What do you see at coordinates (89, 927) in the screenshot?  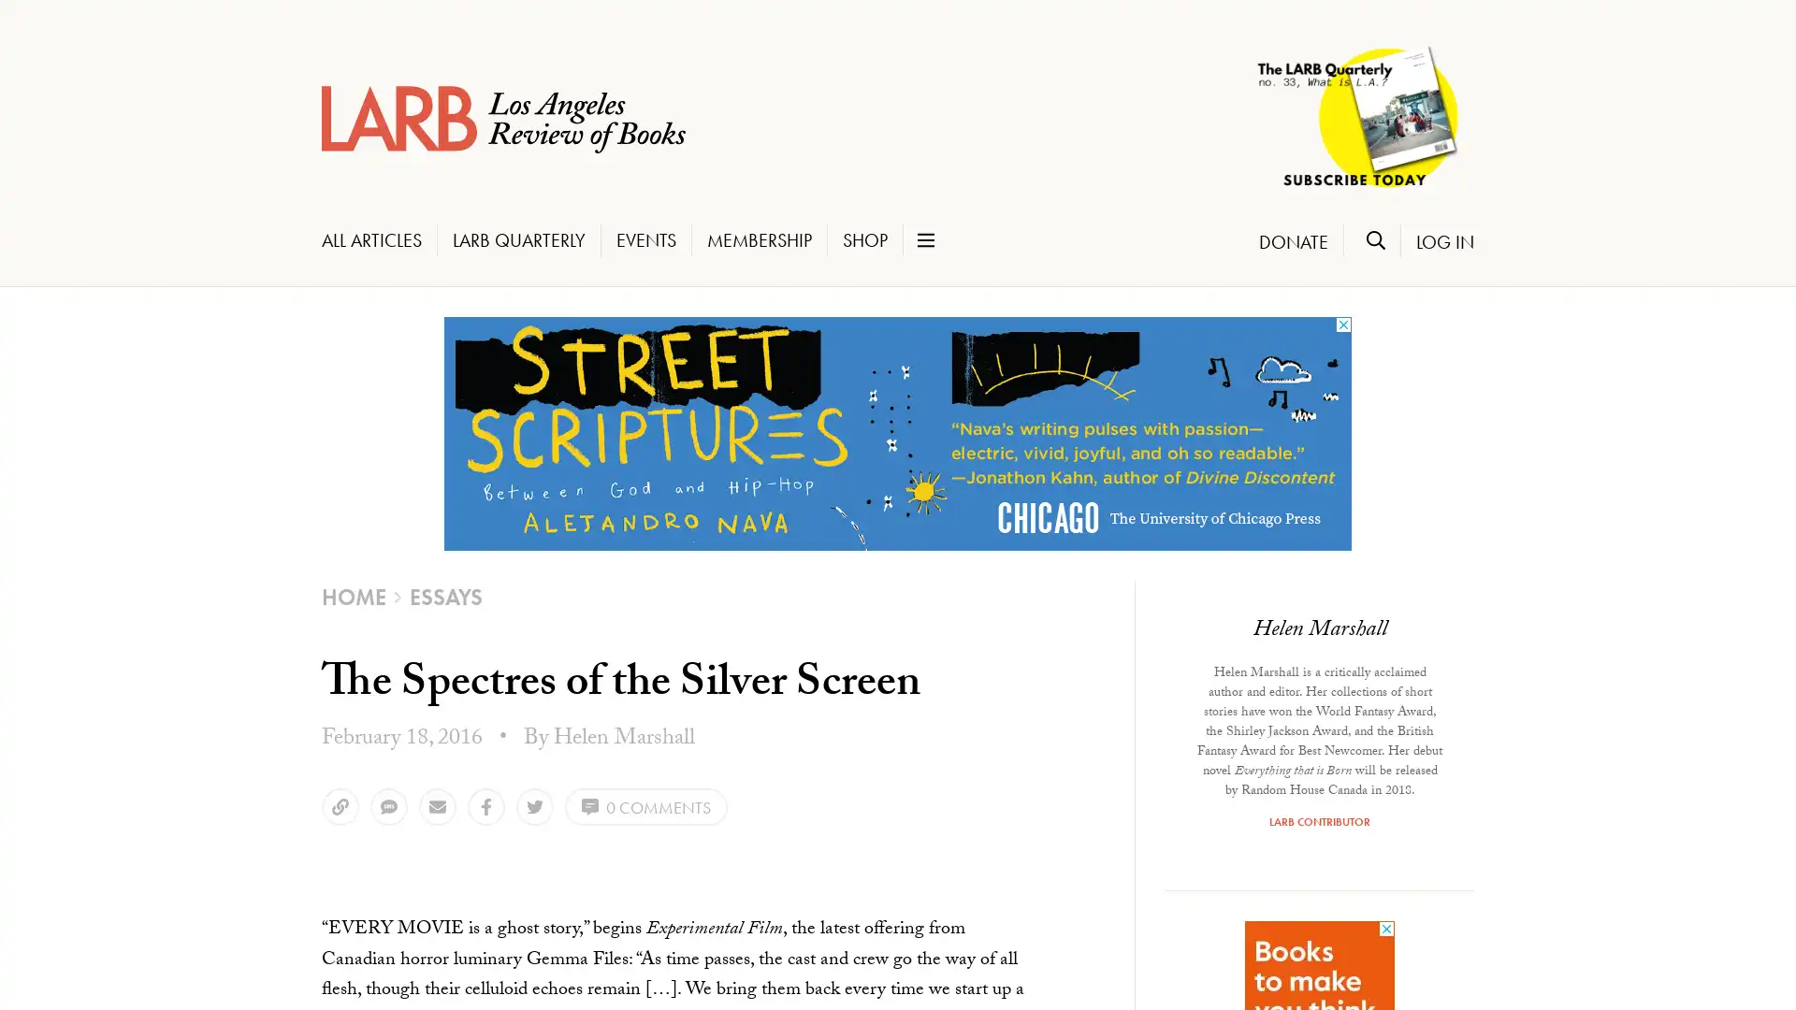 I see `Click Esc To Dismiss` at bounding box center [89, 927].